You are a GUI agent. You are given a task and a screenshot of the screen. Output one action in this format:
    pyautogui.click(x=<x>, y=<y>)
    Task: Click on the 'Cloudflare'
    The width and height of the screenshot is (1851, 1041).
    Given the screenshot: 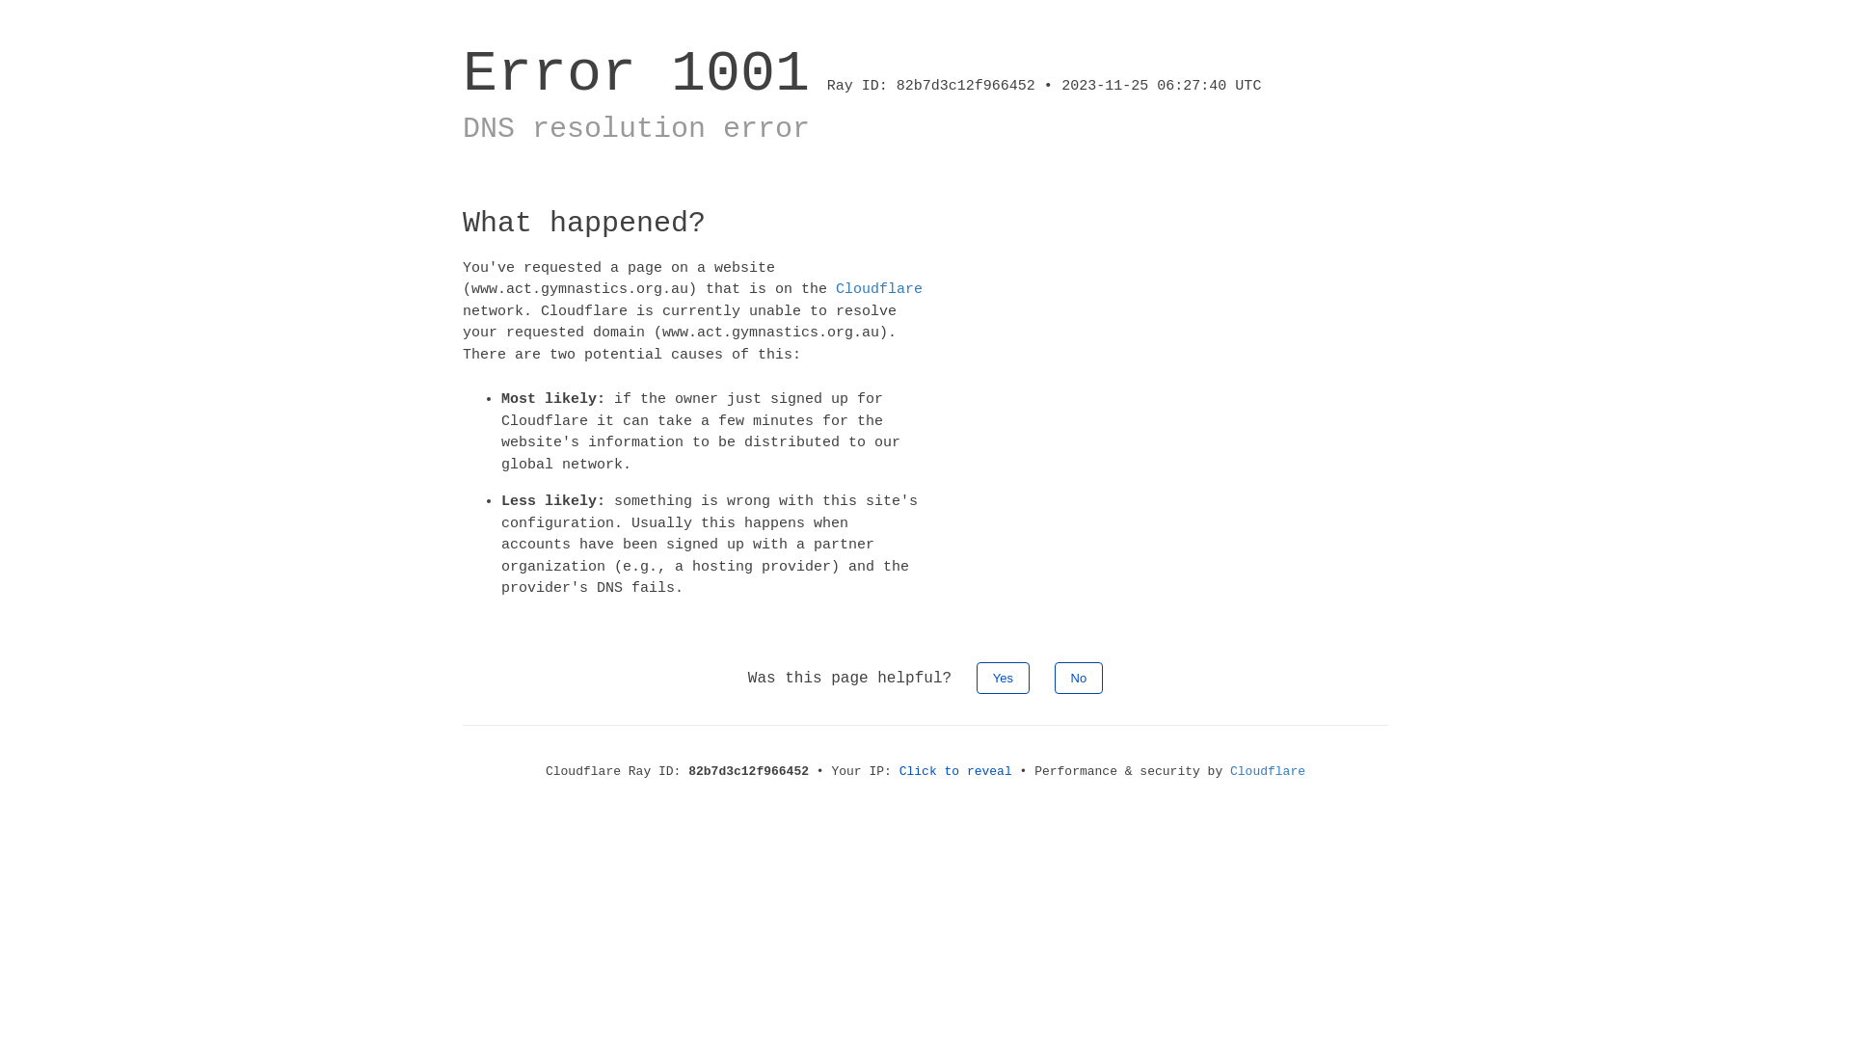 What is the action you would take?
    pyautogui.click(x=878, y=289)
    